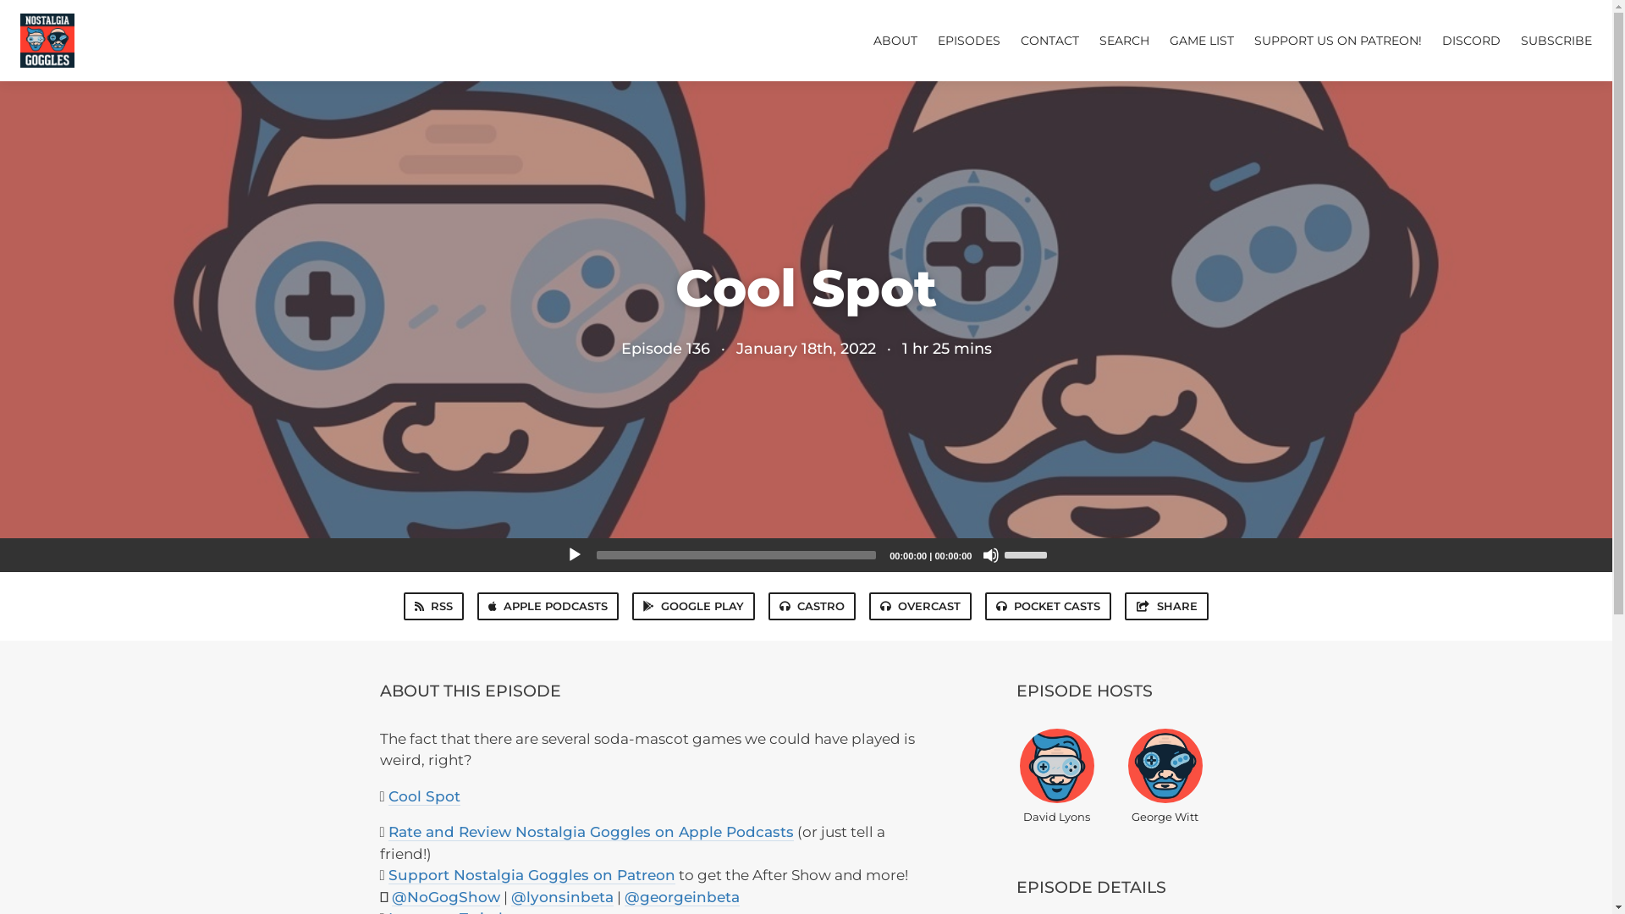  I want to click on 'Mute', so click(990, 554).